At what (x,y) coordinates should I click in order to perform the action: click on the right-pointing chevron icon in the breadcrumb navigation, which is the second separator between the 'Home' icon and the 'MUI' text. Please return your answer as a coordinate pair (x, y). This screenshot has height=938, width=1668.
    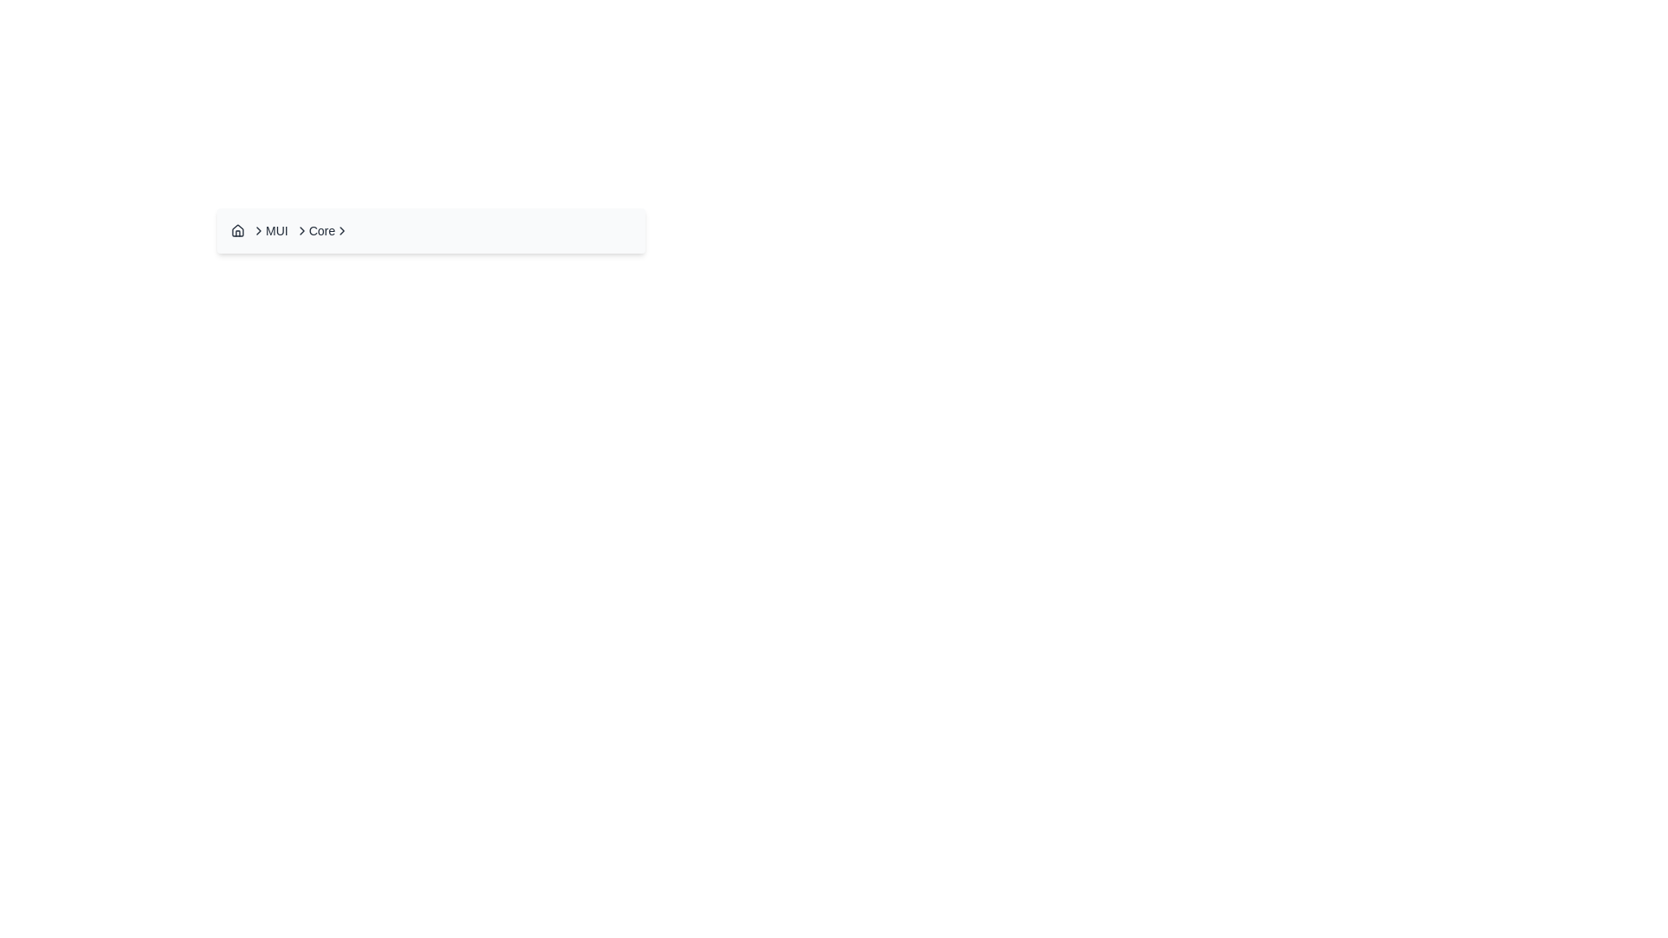
    Looking at the image, I should click on (257, 230).